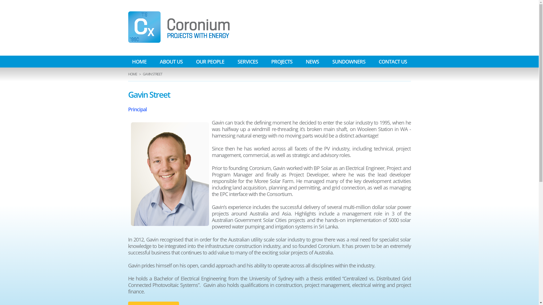 The width and height of the screenshot is (543, 305). Describe the element at coordinates (210, 62) in the screenshot. I see `'OUR PEOPLE'` at that location.